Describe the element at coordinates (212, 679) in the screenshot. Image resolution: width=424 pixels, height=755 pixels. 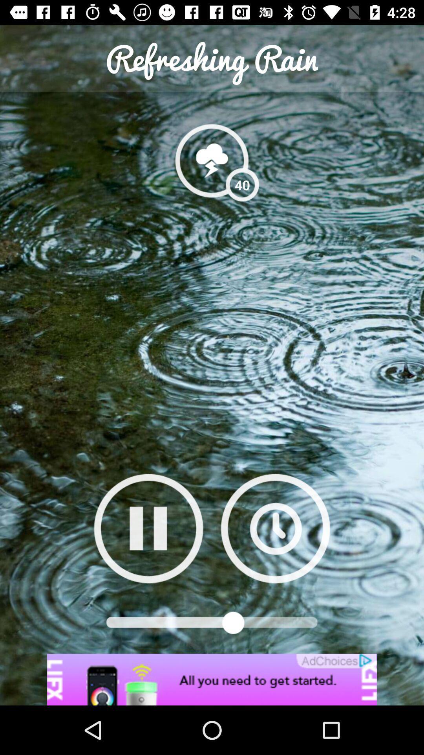
I see `advertising bar` at that location.